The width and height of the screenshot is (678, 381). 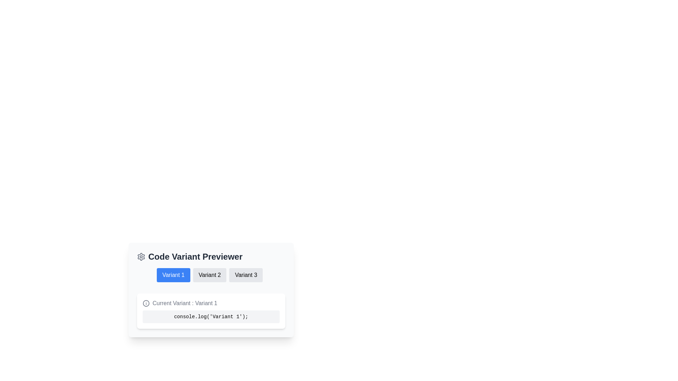 I want to click on the first variant button in the 'Code Variant Previewer' section, so click(x=173, y=274).